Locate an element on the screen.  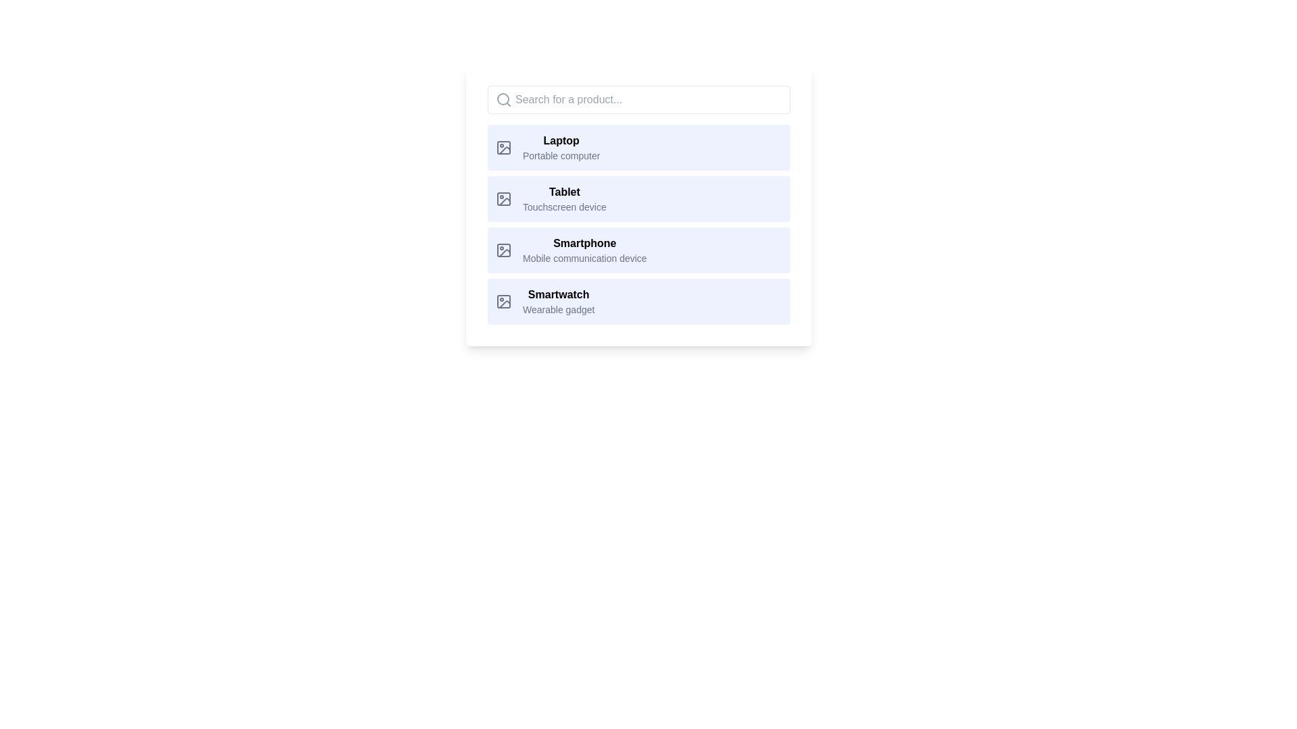
the icon representation of an image located to the left of the 'Laptop' text in the first row of the item list is located at coordinates (503, 148).